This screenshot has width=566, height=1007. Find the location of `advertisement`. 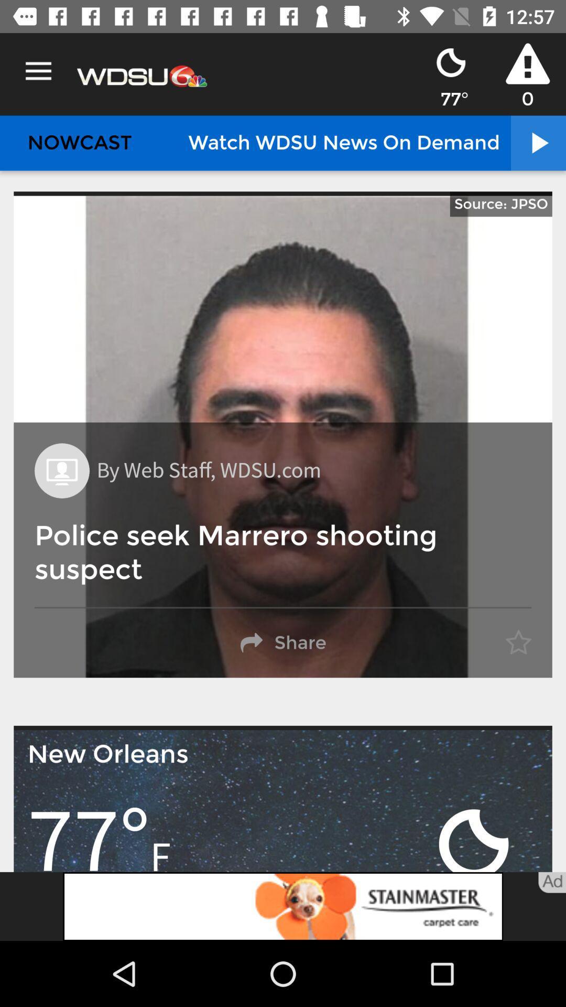

advertisement is located at coordinates (283, 906).